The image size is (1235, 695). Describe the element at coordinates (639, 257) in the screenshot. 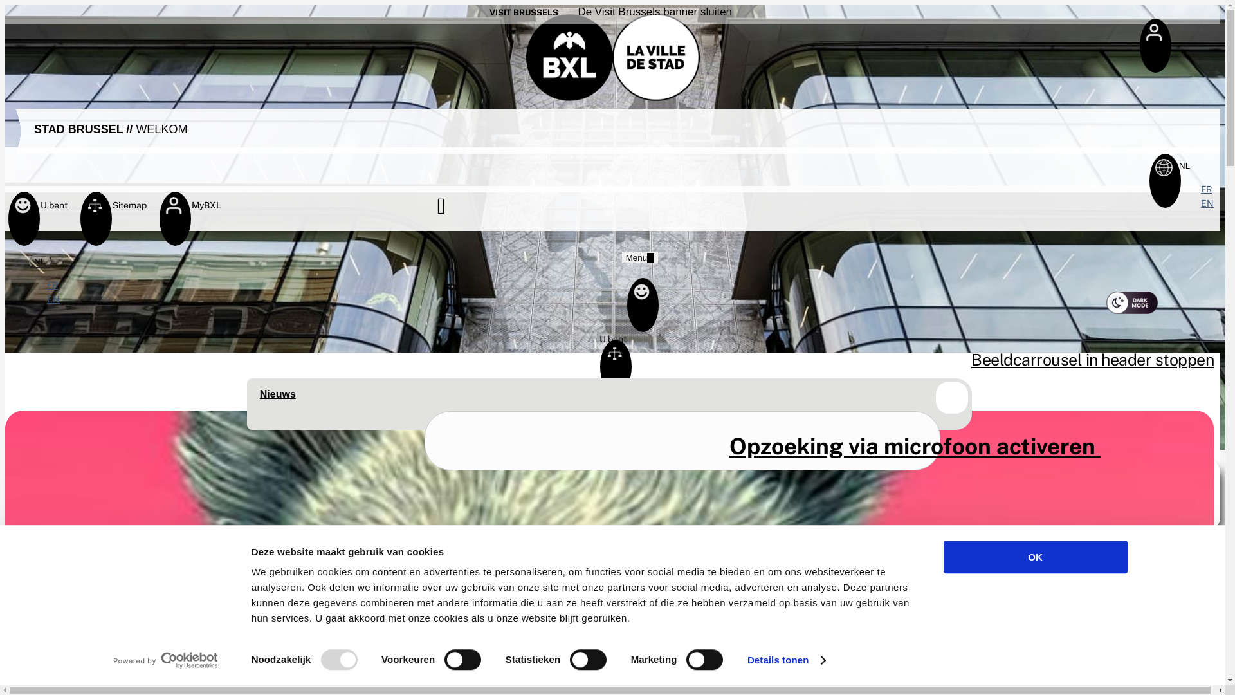

I see `'Menu   '` at that location.